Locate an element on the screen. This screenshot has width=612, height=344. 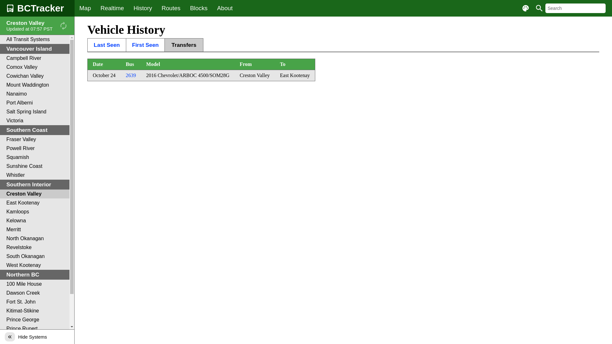
'Prince Rupert' is located at coordinates (34, 329).